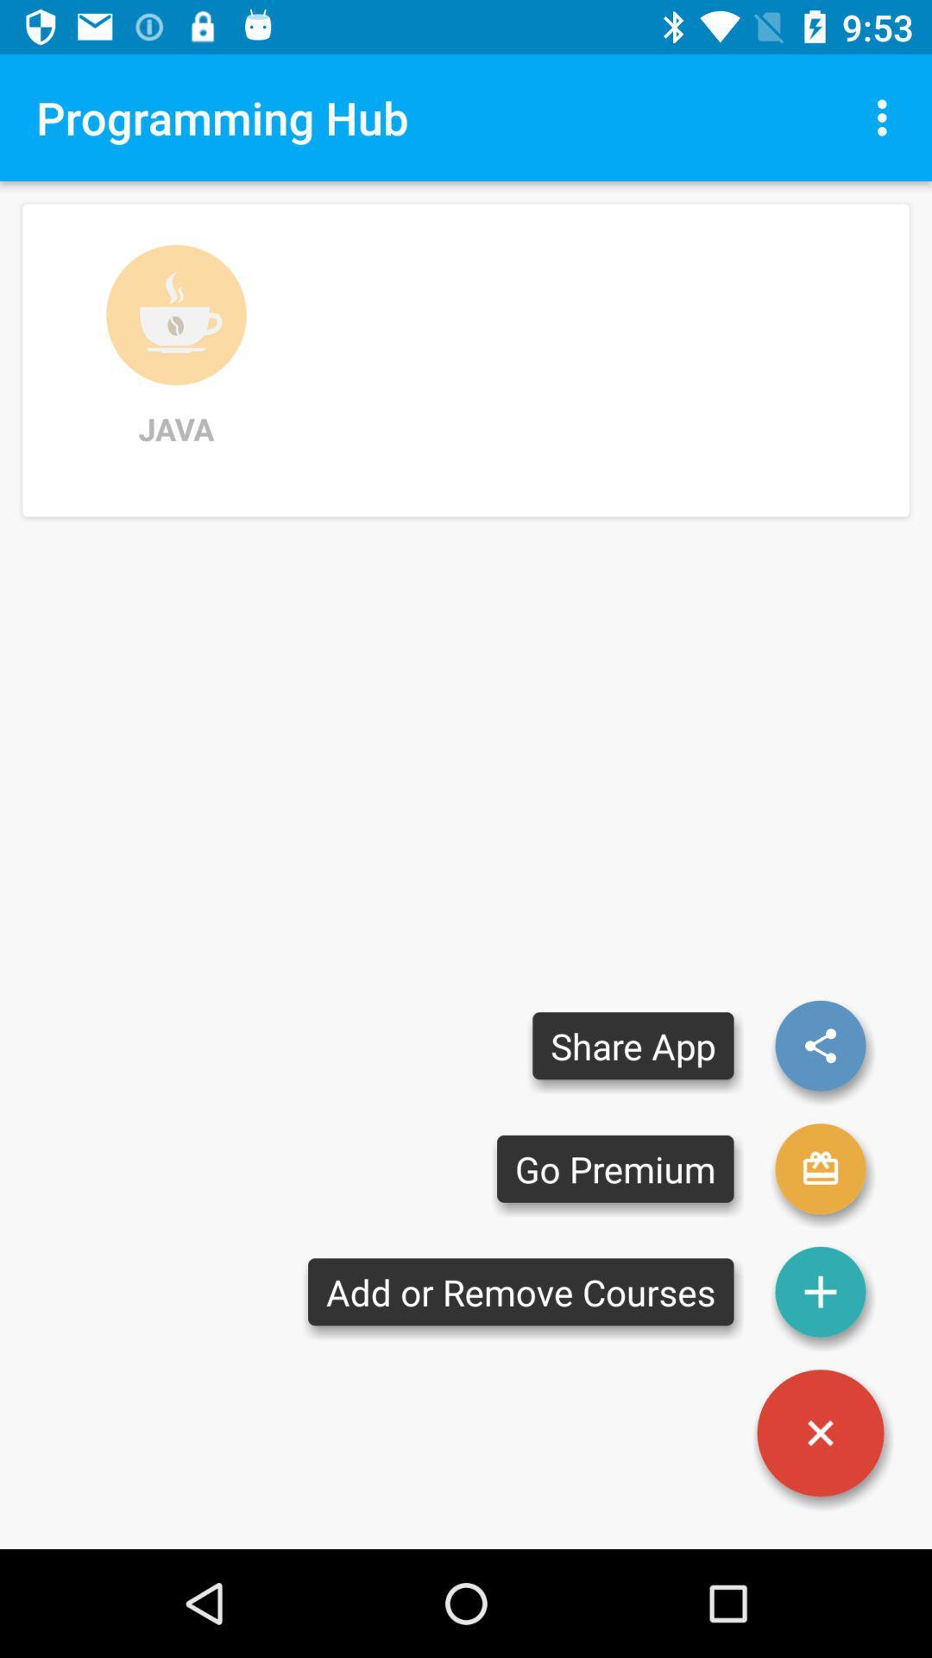  I want to click on item at the top right corner, so click(886, 117).